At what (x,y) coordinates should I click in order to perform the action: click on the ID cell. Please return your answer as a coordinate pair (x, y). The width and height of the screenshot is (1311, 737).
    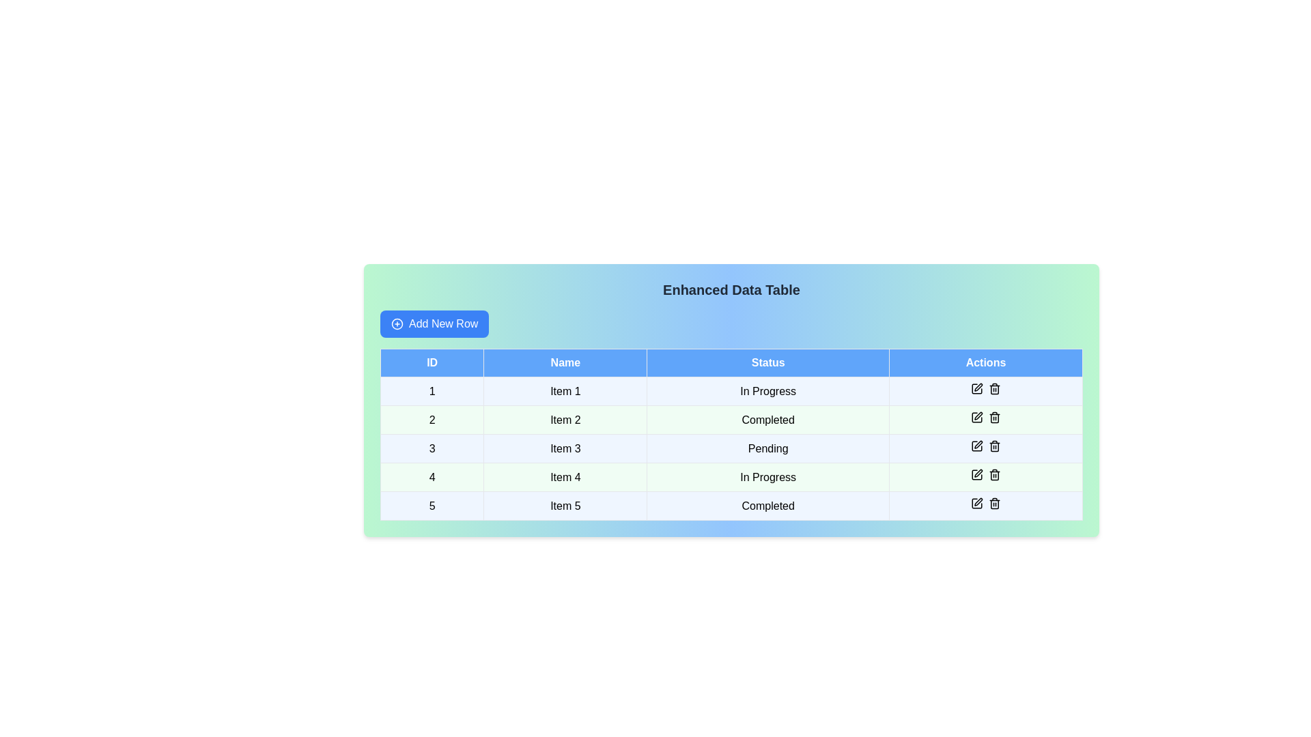
    Looking at the image, I should click on (432, 476).